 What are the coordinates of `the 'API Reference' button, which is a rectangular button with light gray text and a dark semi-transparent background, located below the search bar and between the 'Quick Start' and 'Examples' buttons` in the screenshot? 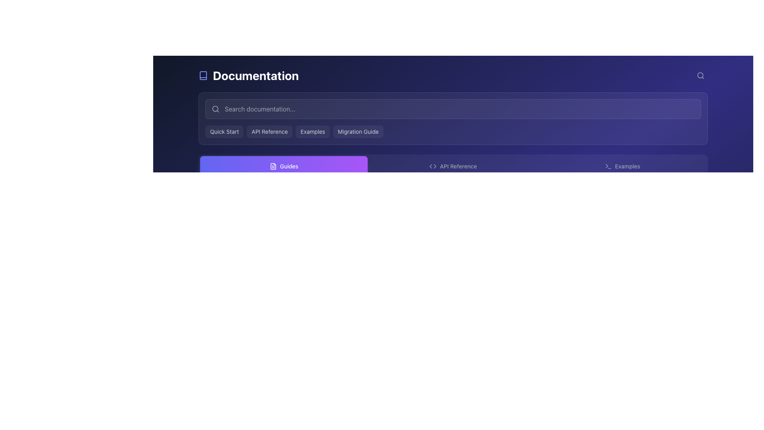 It's located at (269, 131).